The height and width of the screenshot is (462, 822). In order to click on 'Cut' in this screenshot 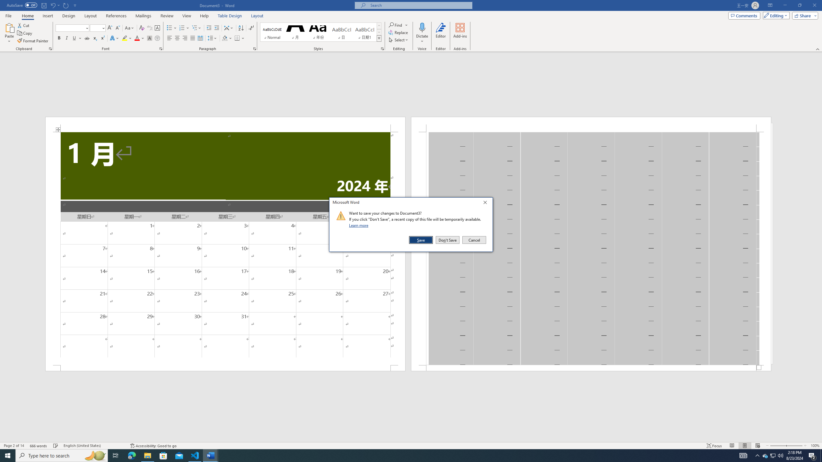, I will do `click(23, 25)`.